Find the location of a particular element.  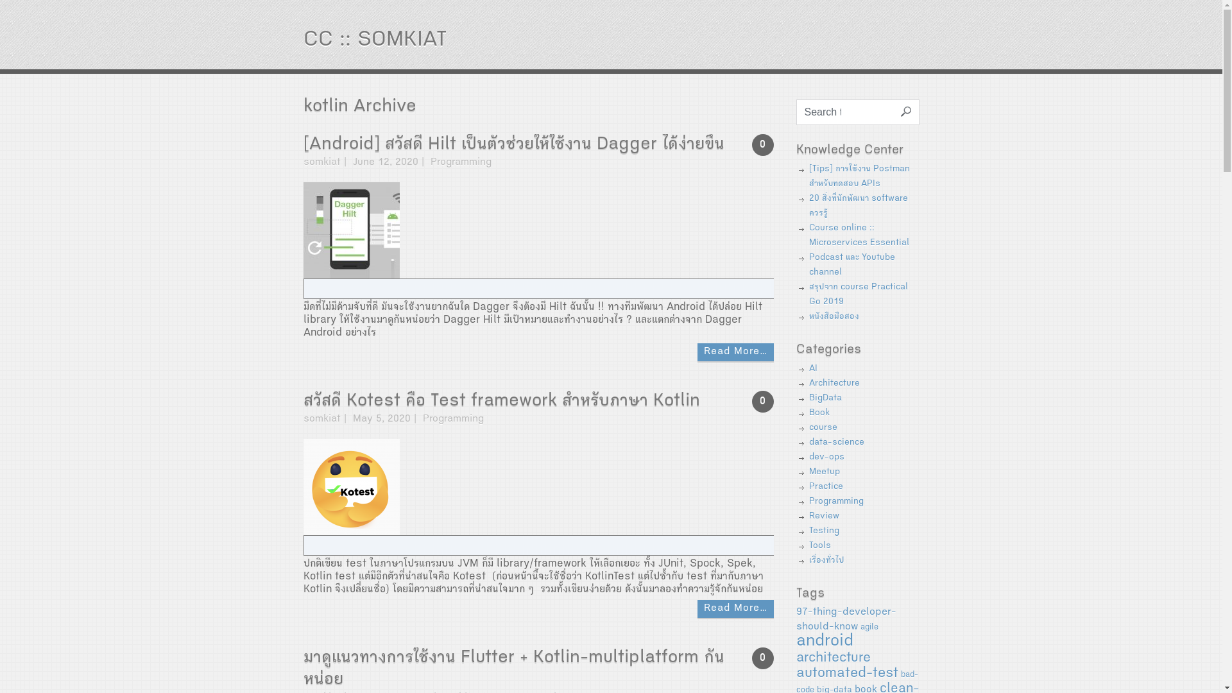

'Practice' is located at coordinates (825, 487).